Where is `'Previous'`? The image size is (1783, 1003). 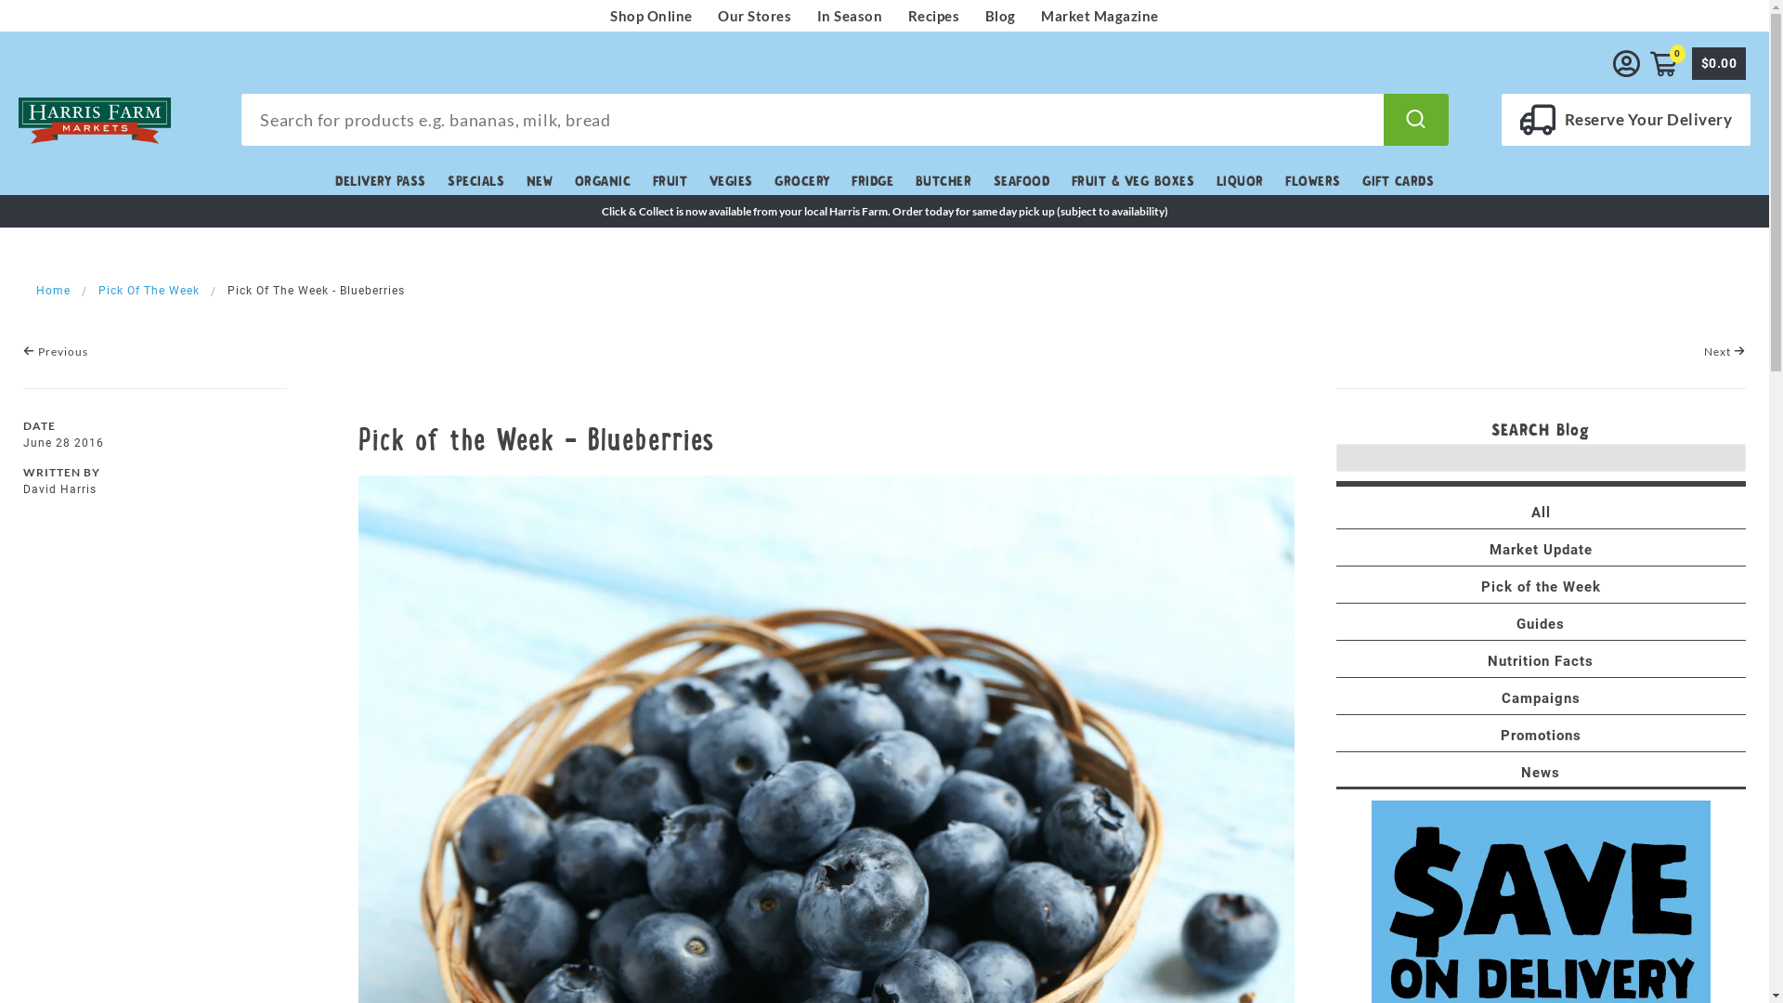
'Previous' is located at coordinates (55, 351).